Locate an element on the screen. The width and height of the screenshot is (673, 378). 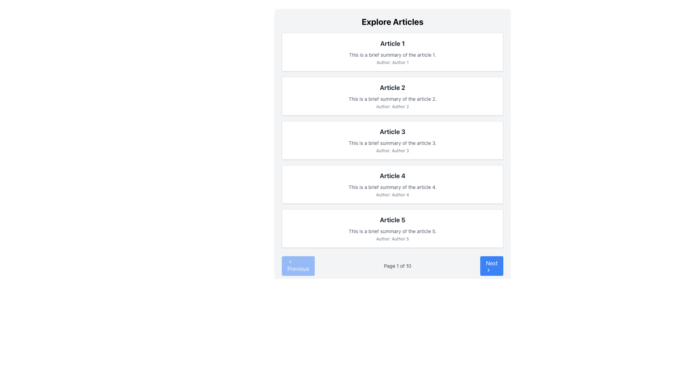
the Static text header, which serves as a section title above the list of articles is located at coordinates (392, 21).